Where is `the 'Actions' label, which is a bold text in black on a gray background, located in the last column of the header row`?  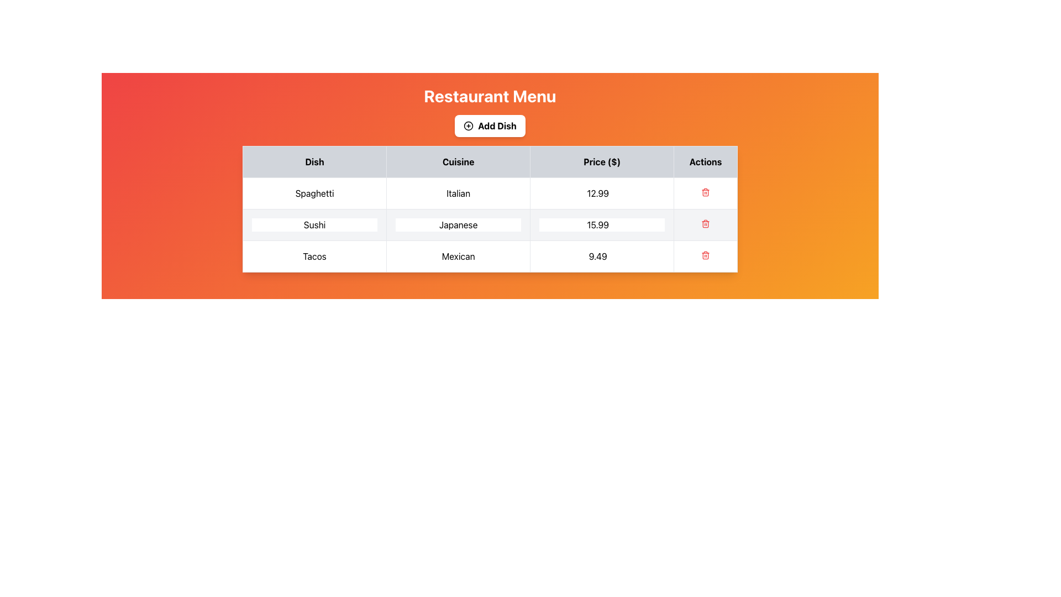 the 'Actions' label, which is a bold text in black on a gray background, located in the last column of the header row is located at coordinates (705, 162).